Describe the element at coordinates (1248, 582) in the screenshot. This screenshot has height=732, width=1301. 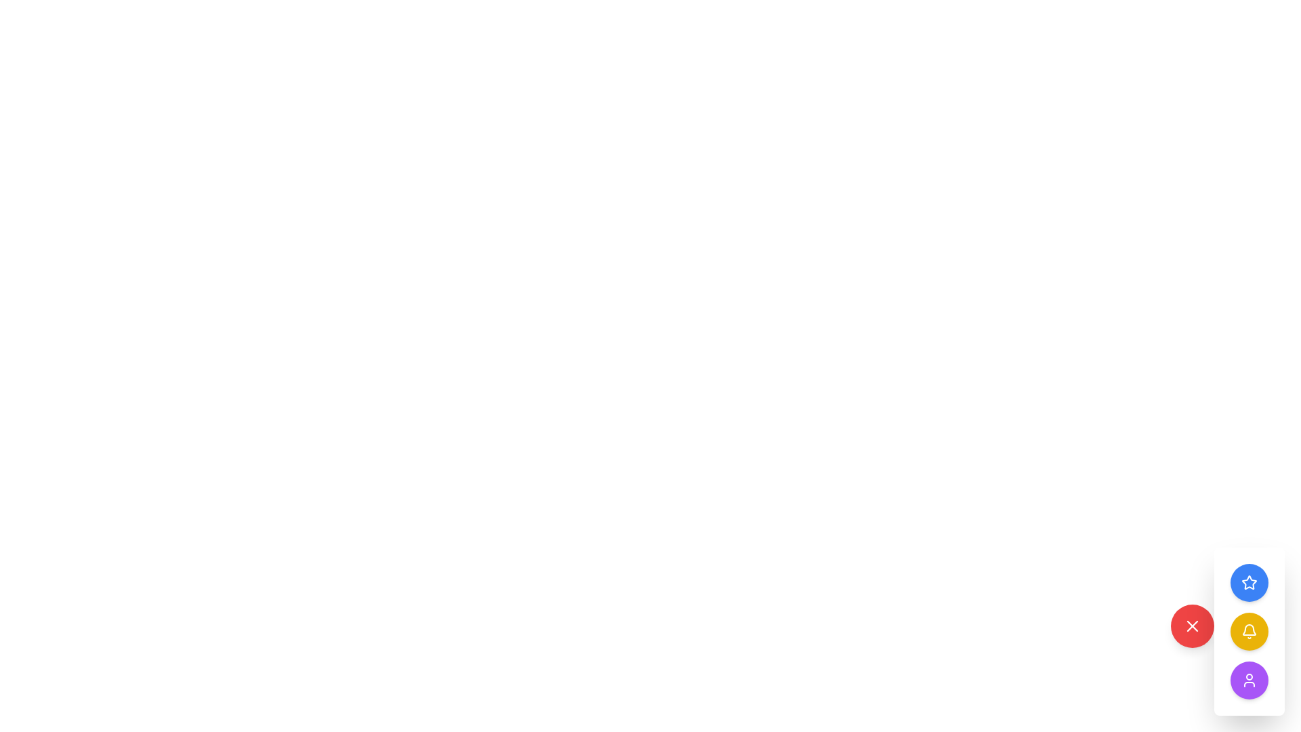
I see `the topmost button in the group of three circular buttons, which is related to marking items as favorites or highlighting them` at that location.